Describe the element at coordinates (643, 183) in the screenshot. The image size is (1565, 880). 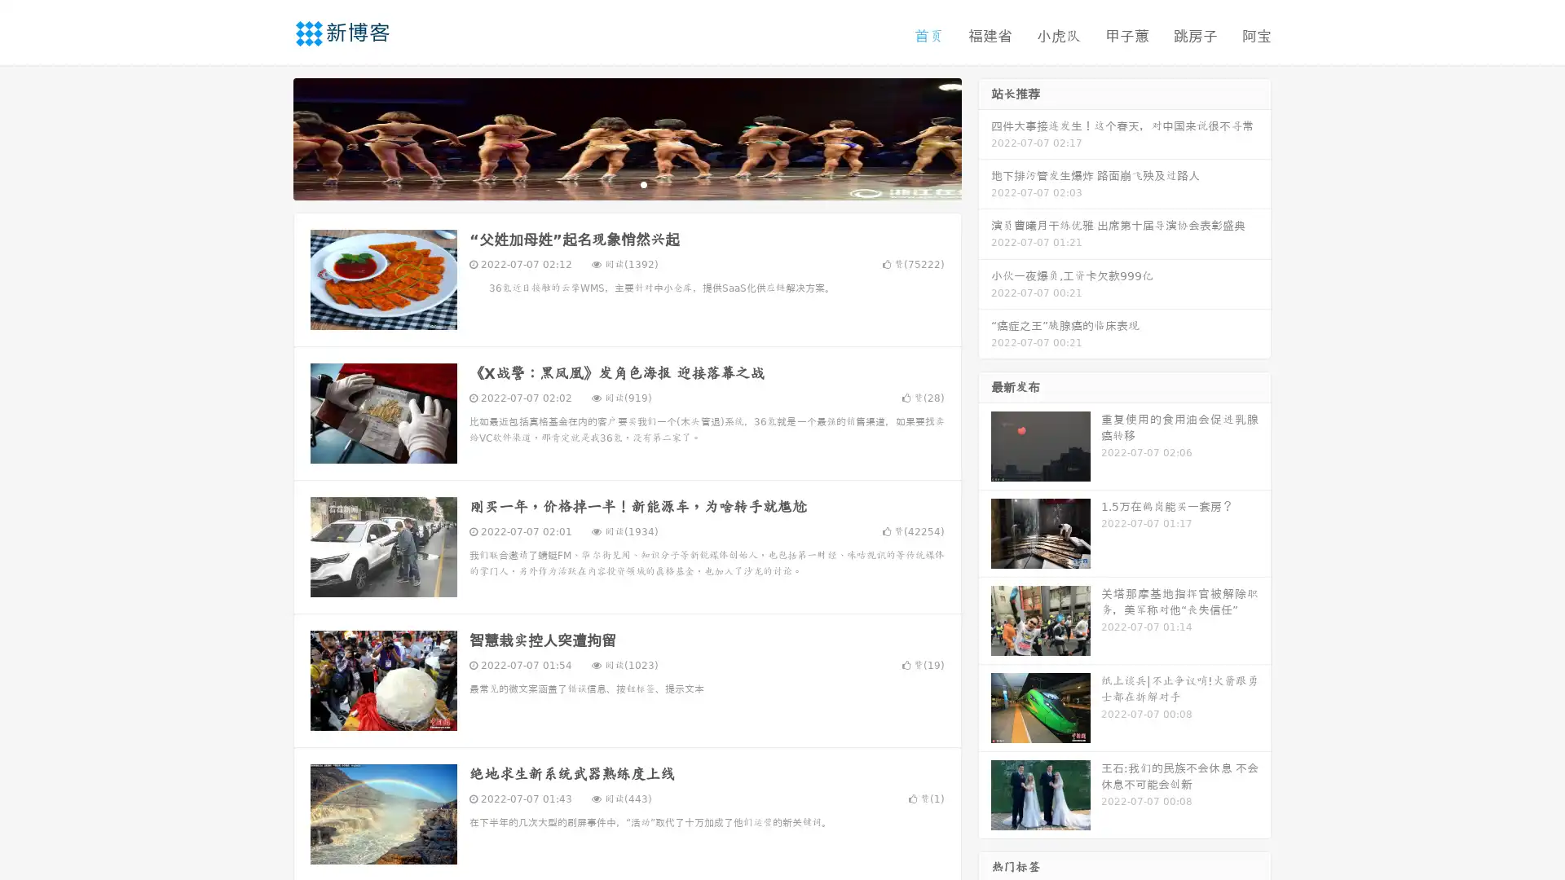
I see `Go to slide 3` at that location.